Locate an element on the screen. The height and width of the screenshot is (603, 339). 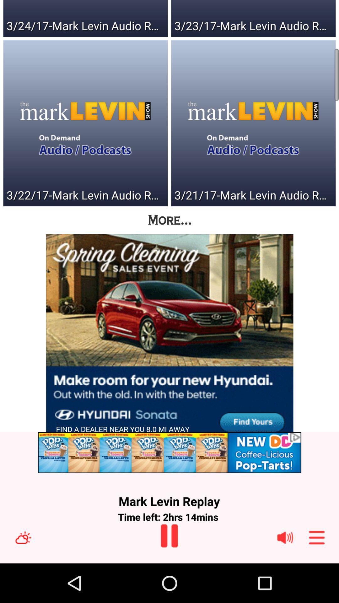
the pause icon is located at coordinates (169, 573).